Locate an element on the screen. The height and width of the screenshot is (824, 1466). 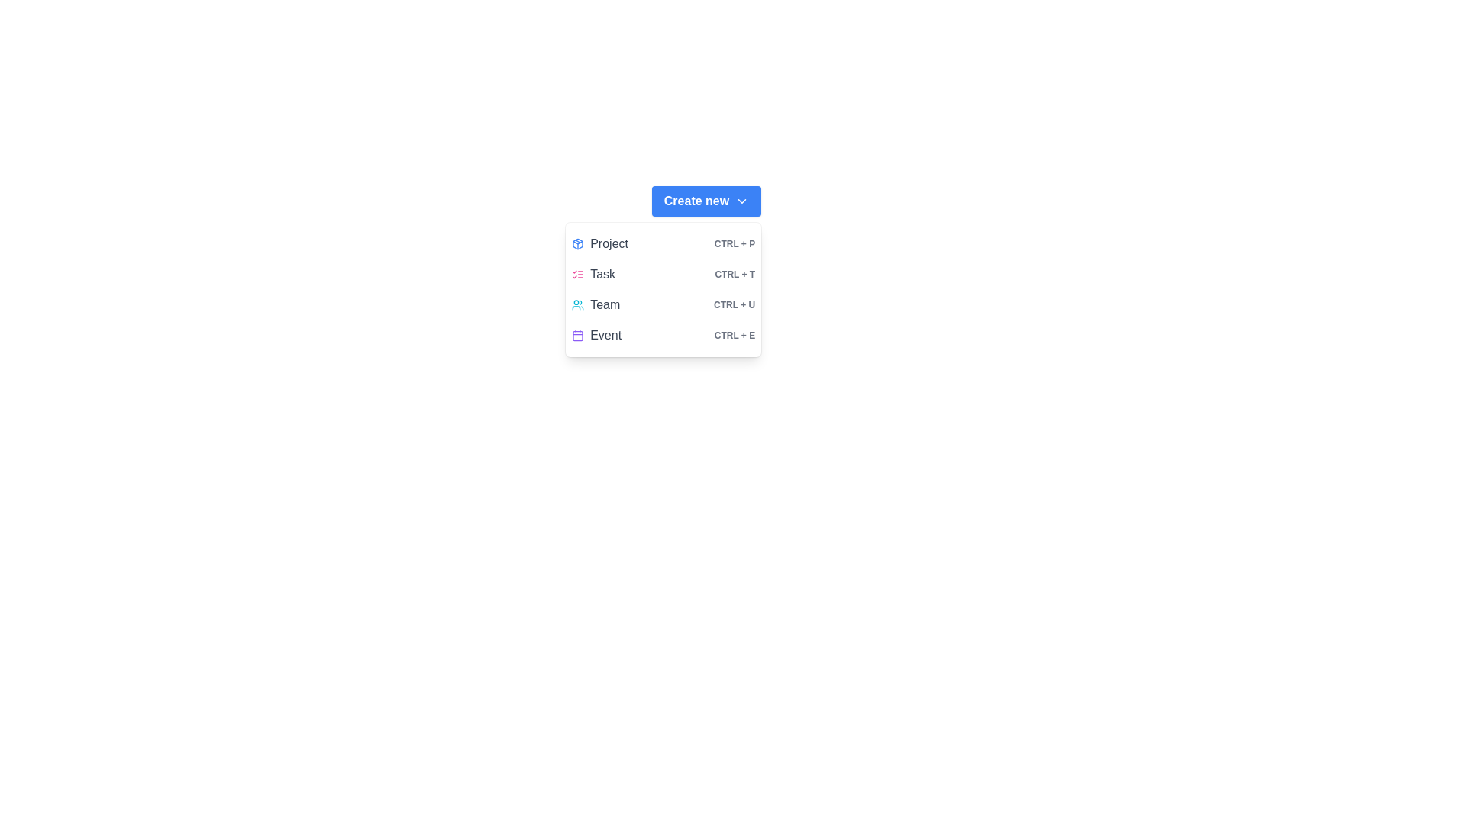
the 'Event' list item in the dropdown menu under the 'Create new' button is located at coordinates (664, 334).